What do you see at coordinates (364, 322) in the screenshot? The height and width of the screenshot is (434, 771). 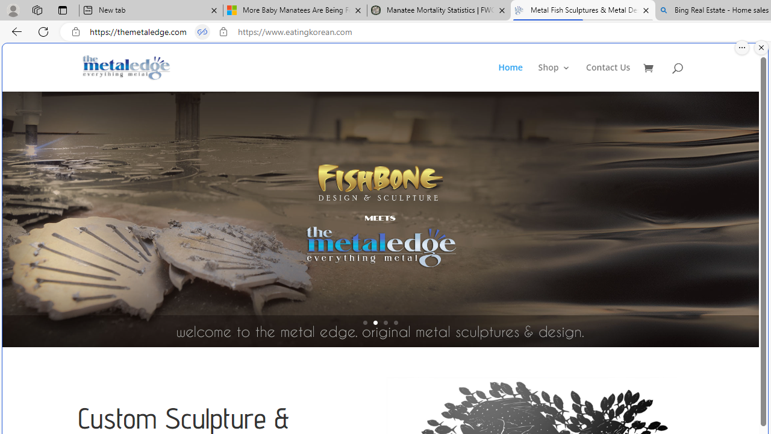 I see `'1'` at bounding box center [364, 322].